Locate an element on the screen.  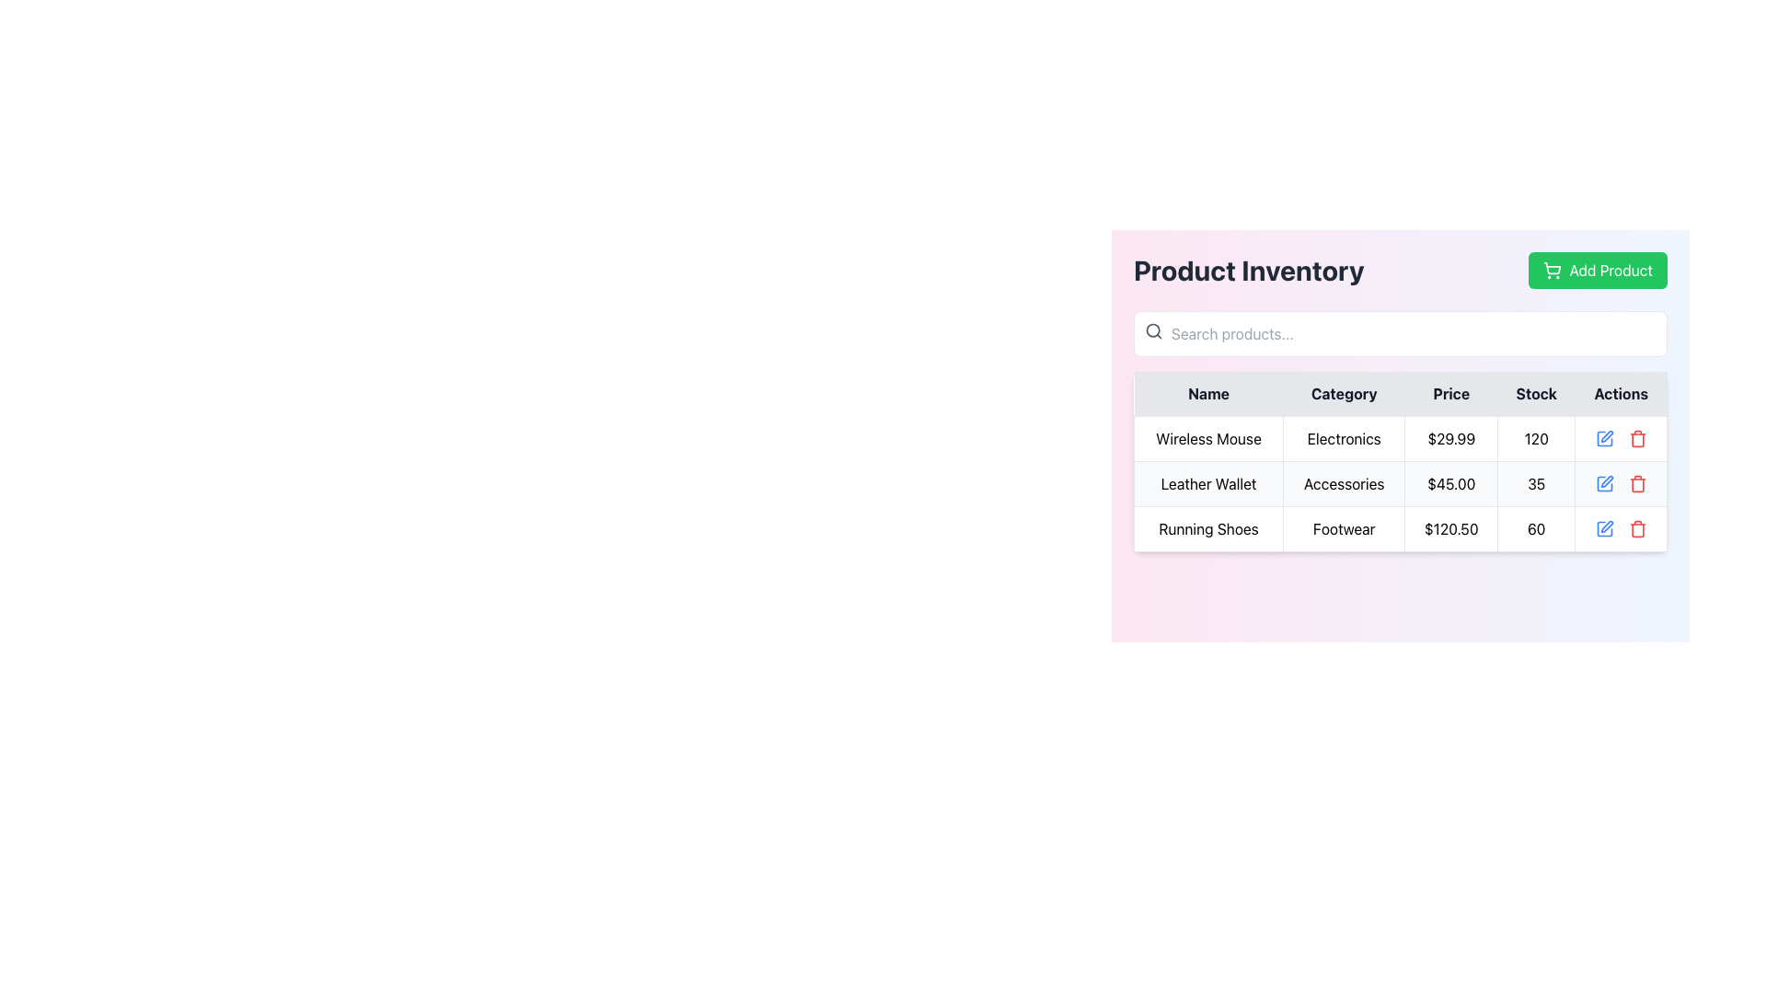
the bold, large-sized black text heading displaying 'Product Inventory' located at the top left of the panel is located at coordinates (1249, 270).